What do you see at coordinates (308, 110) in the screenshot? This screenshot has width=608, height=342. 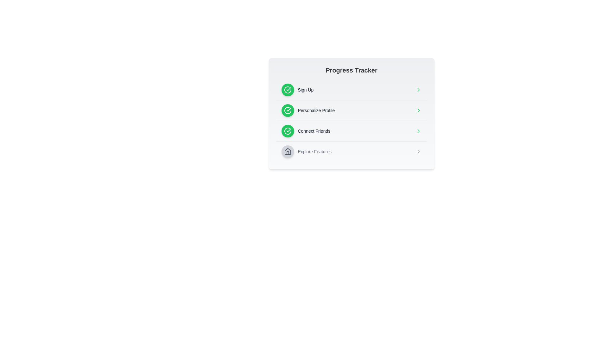 I see `the 'Personalize Profile' option in the Progress Tracker list, which features a green check mark icon and black text, positioned between 'Sign Up' and 'Connect Friends'` at bounding box center [308, 110].